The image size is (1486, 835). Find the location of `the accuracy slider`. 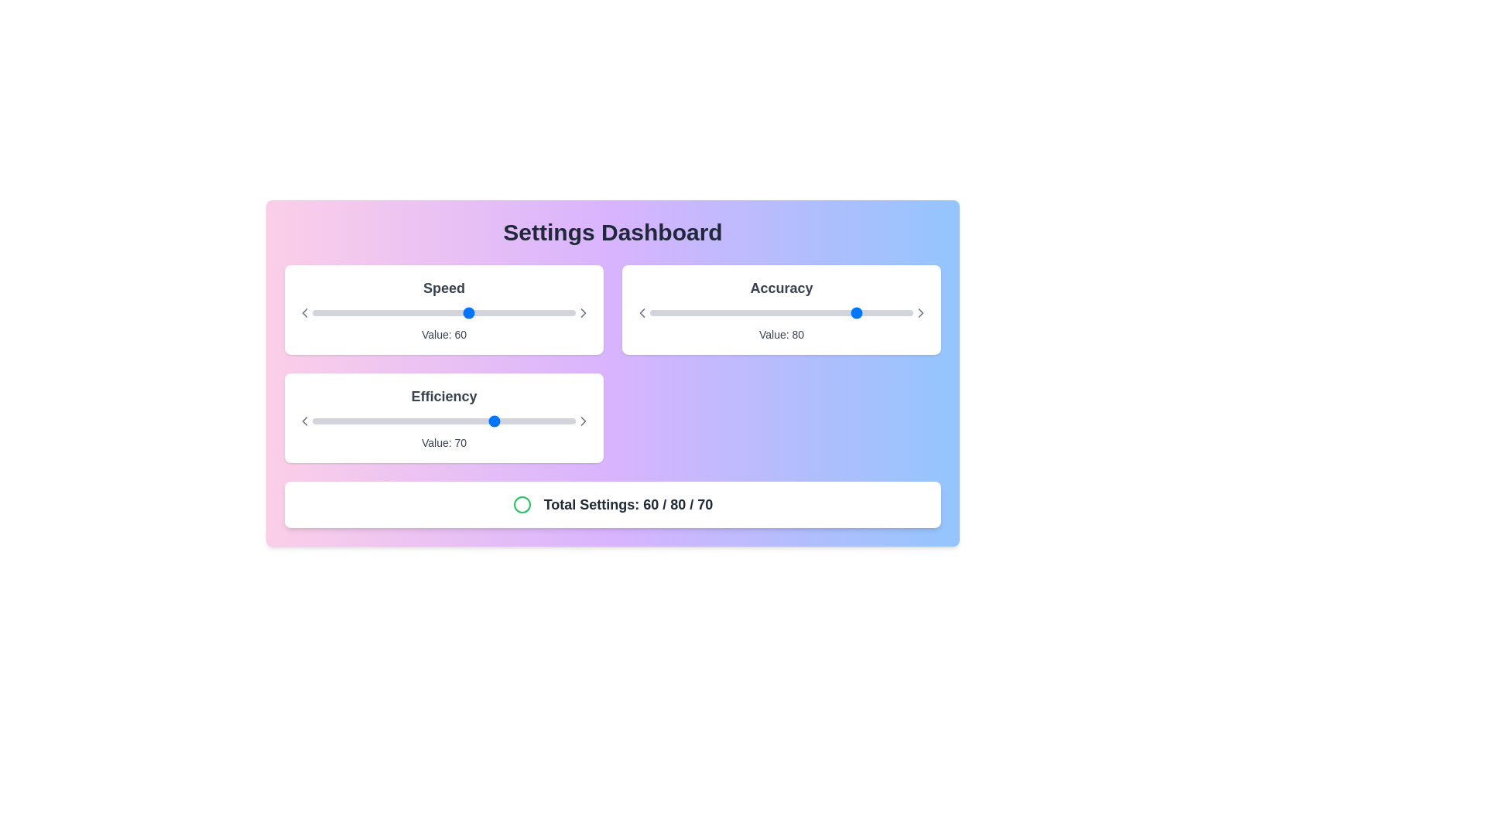

the accuracy slider is located at coordinates (884, 313).